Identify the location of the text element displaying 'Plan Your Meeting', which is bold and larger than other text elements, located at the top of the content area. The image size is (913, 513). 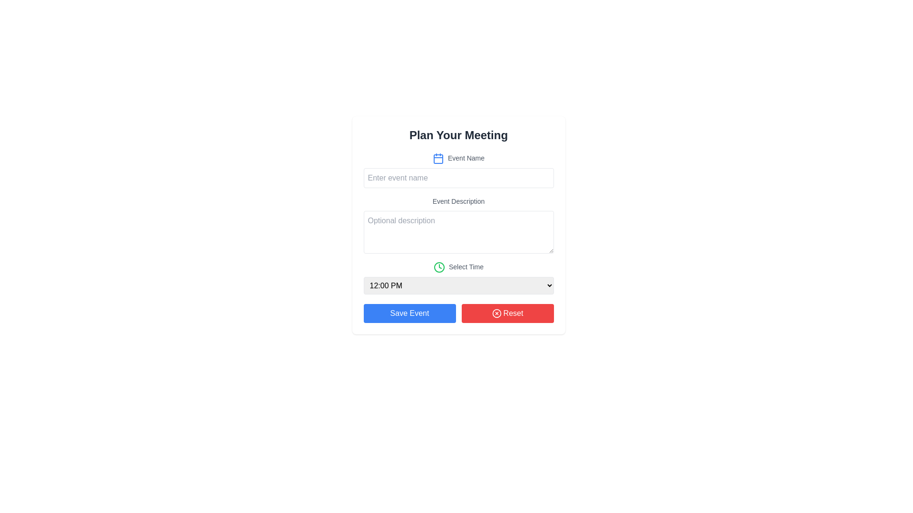
(458, 135).